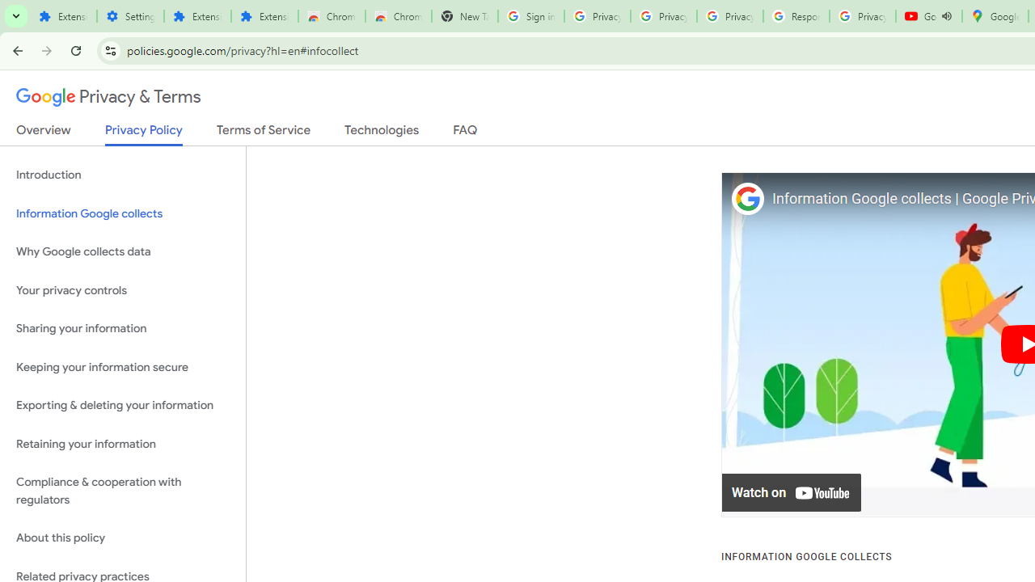 This screenshot has height=582, width=1035. Describe the element at coordinates (122, 367) in the screenshot. I see `'Keeping your information secure'` at that location.